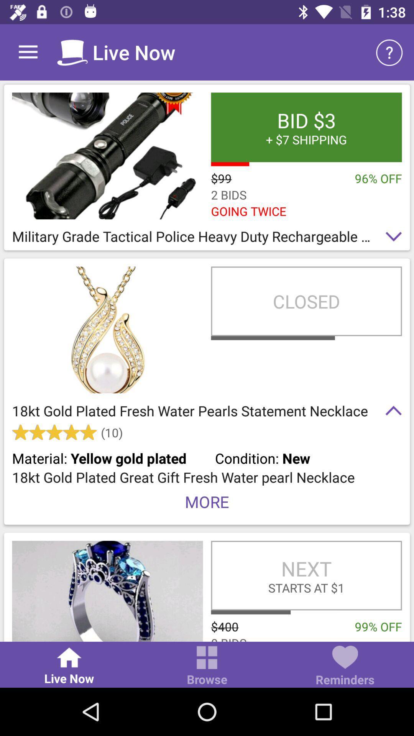  Describe the element at coordinates (207, 666) in the screenshot. I see `the item next to live now icon` at that location.